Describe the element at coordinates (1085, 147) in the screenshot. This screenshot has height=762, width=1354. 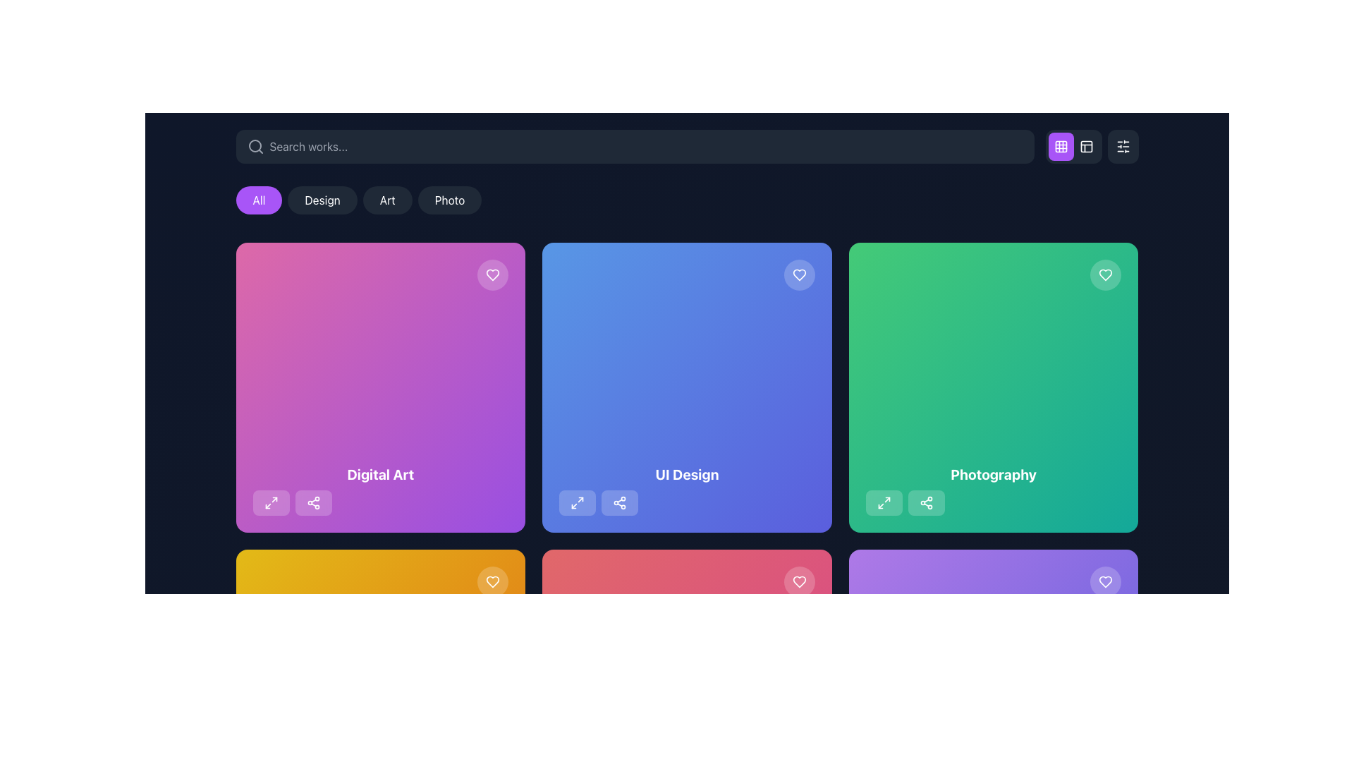
I see `the third button in the top-right corner of the interface, which has a square icon representing a divided panel against a dark background` at that location.